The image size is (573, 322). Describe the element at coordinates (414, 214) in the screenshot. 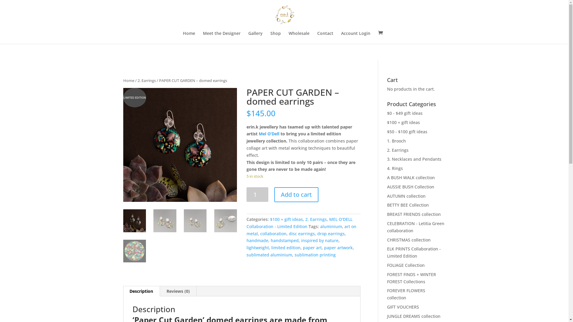

I see `'BREAST FRIENDS collection'` at that location.